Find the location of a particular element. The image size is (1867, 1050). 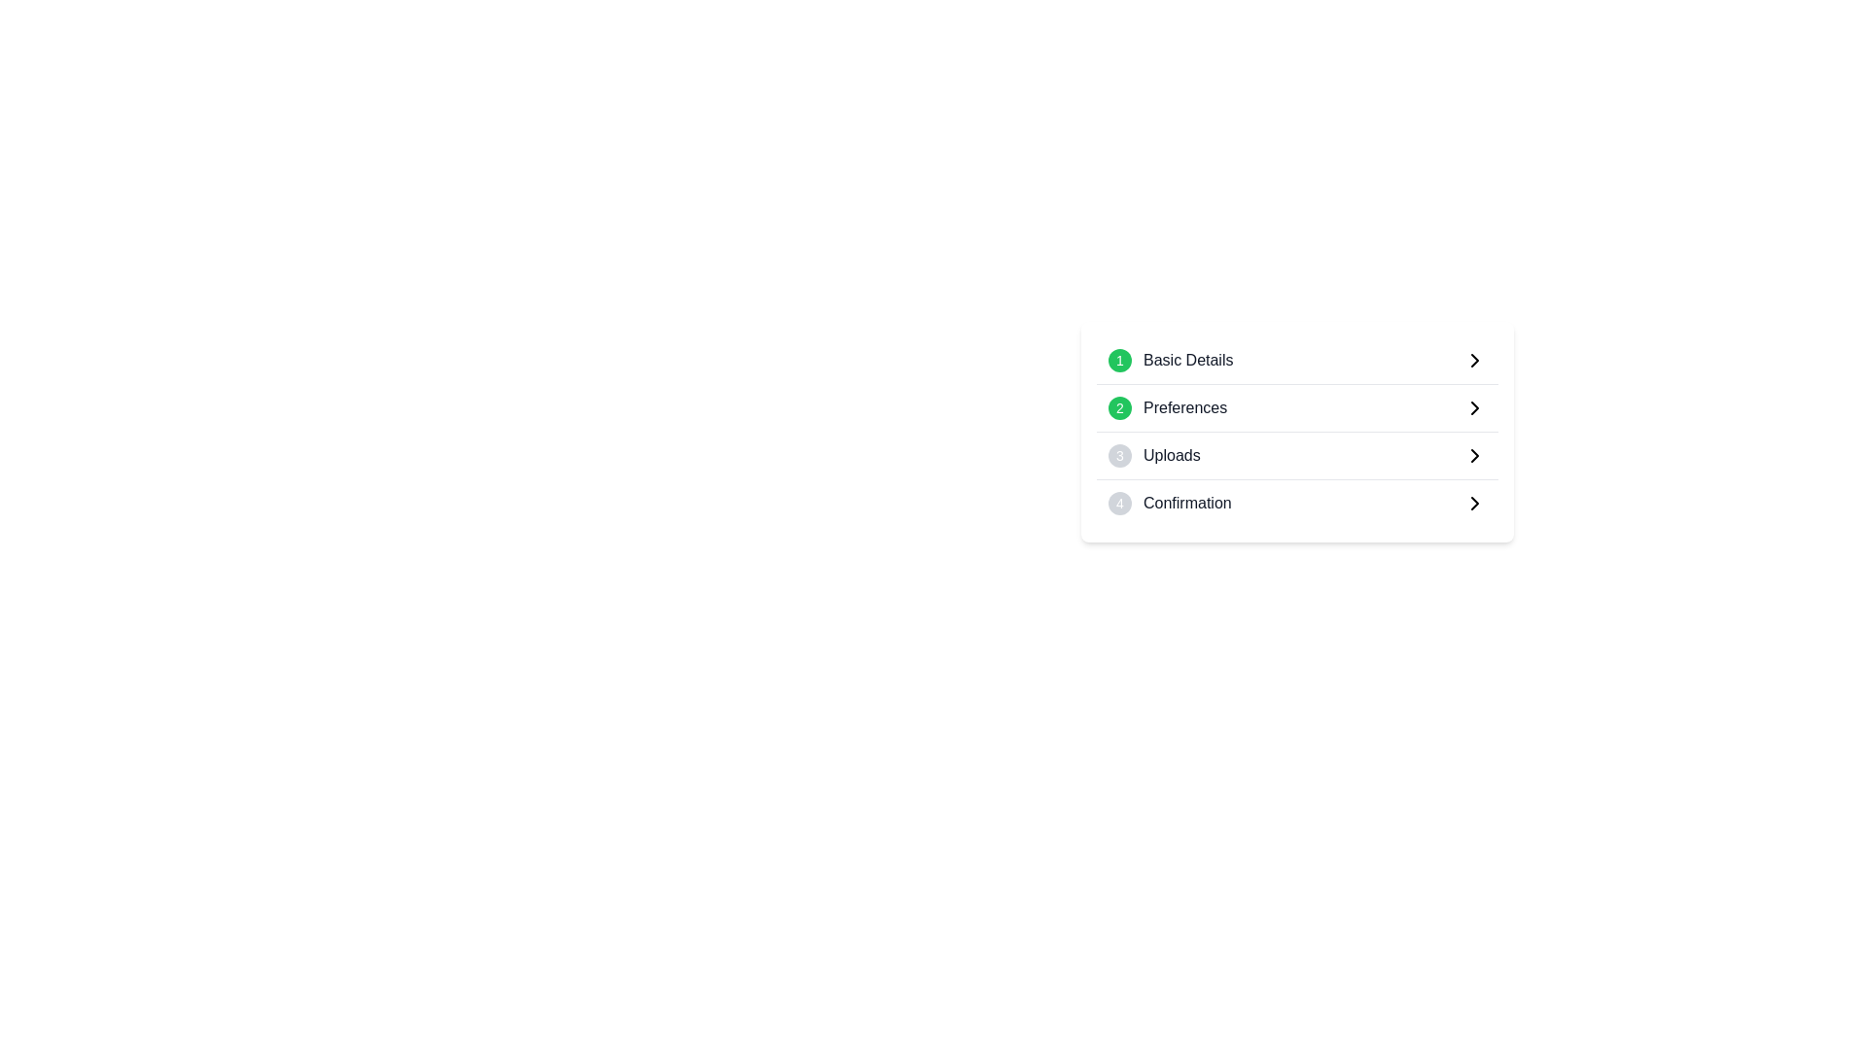

label displaying the word 'Uploads' which is part of the third item in a vertical list, located to the right of a circular icon with the number '3' is located at coordinates (1171, 456).